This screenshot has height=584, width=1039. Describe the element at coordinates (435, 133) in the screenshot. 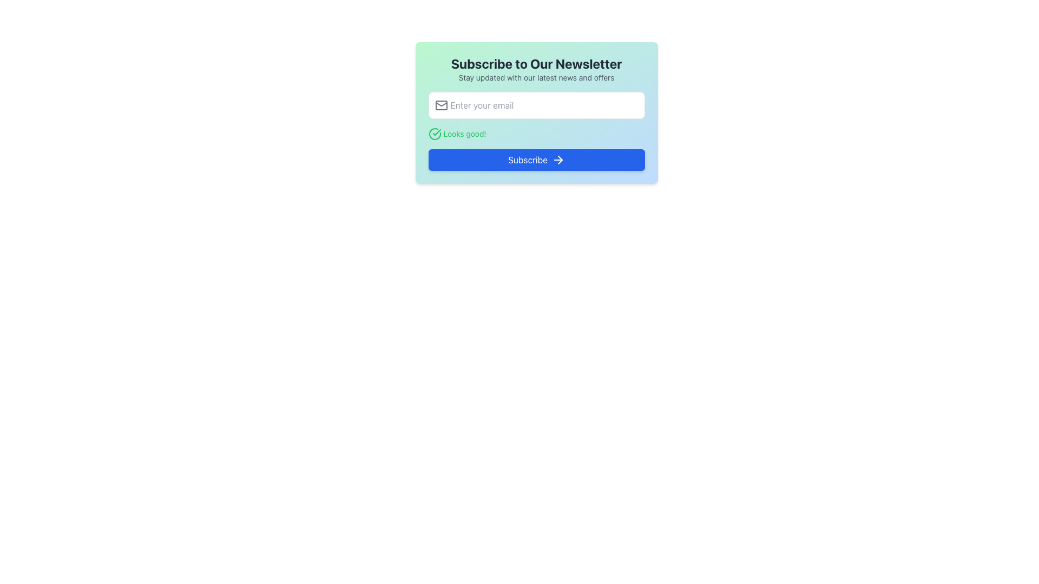

I see `the validation icon next to the 'Looks good!' text label below the email input field in the subscription form to inspect it` at that location.